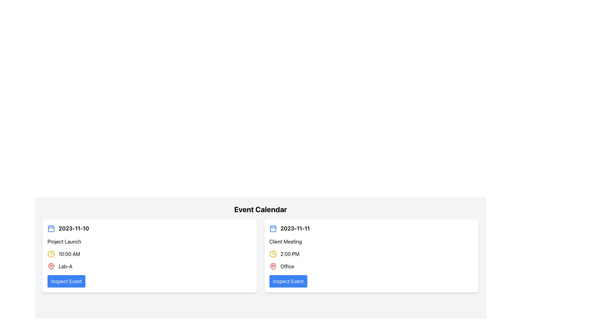 The height and width of the screenshot is (335, 596). Describe the element at coordinates (64, 241) in the screenshot. I see `the text label that serves as the title of the event, located below the date '2023-11-10' and above the time '10:00 AM'` at that location.